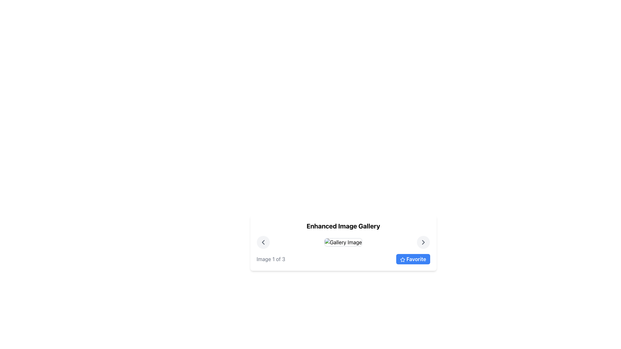 This screenshot has height=349, width=621. I want to click on the button labeled 'Favorite' which contains a decorative star icon, located on the right side of the gallery interface, so click(402, 259).